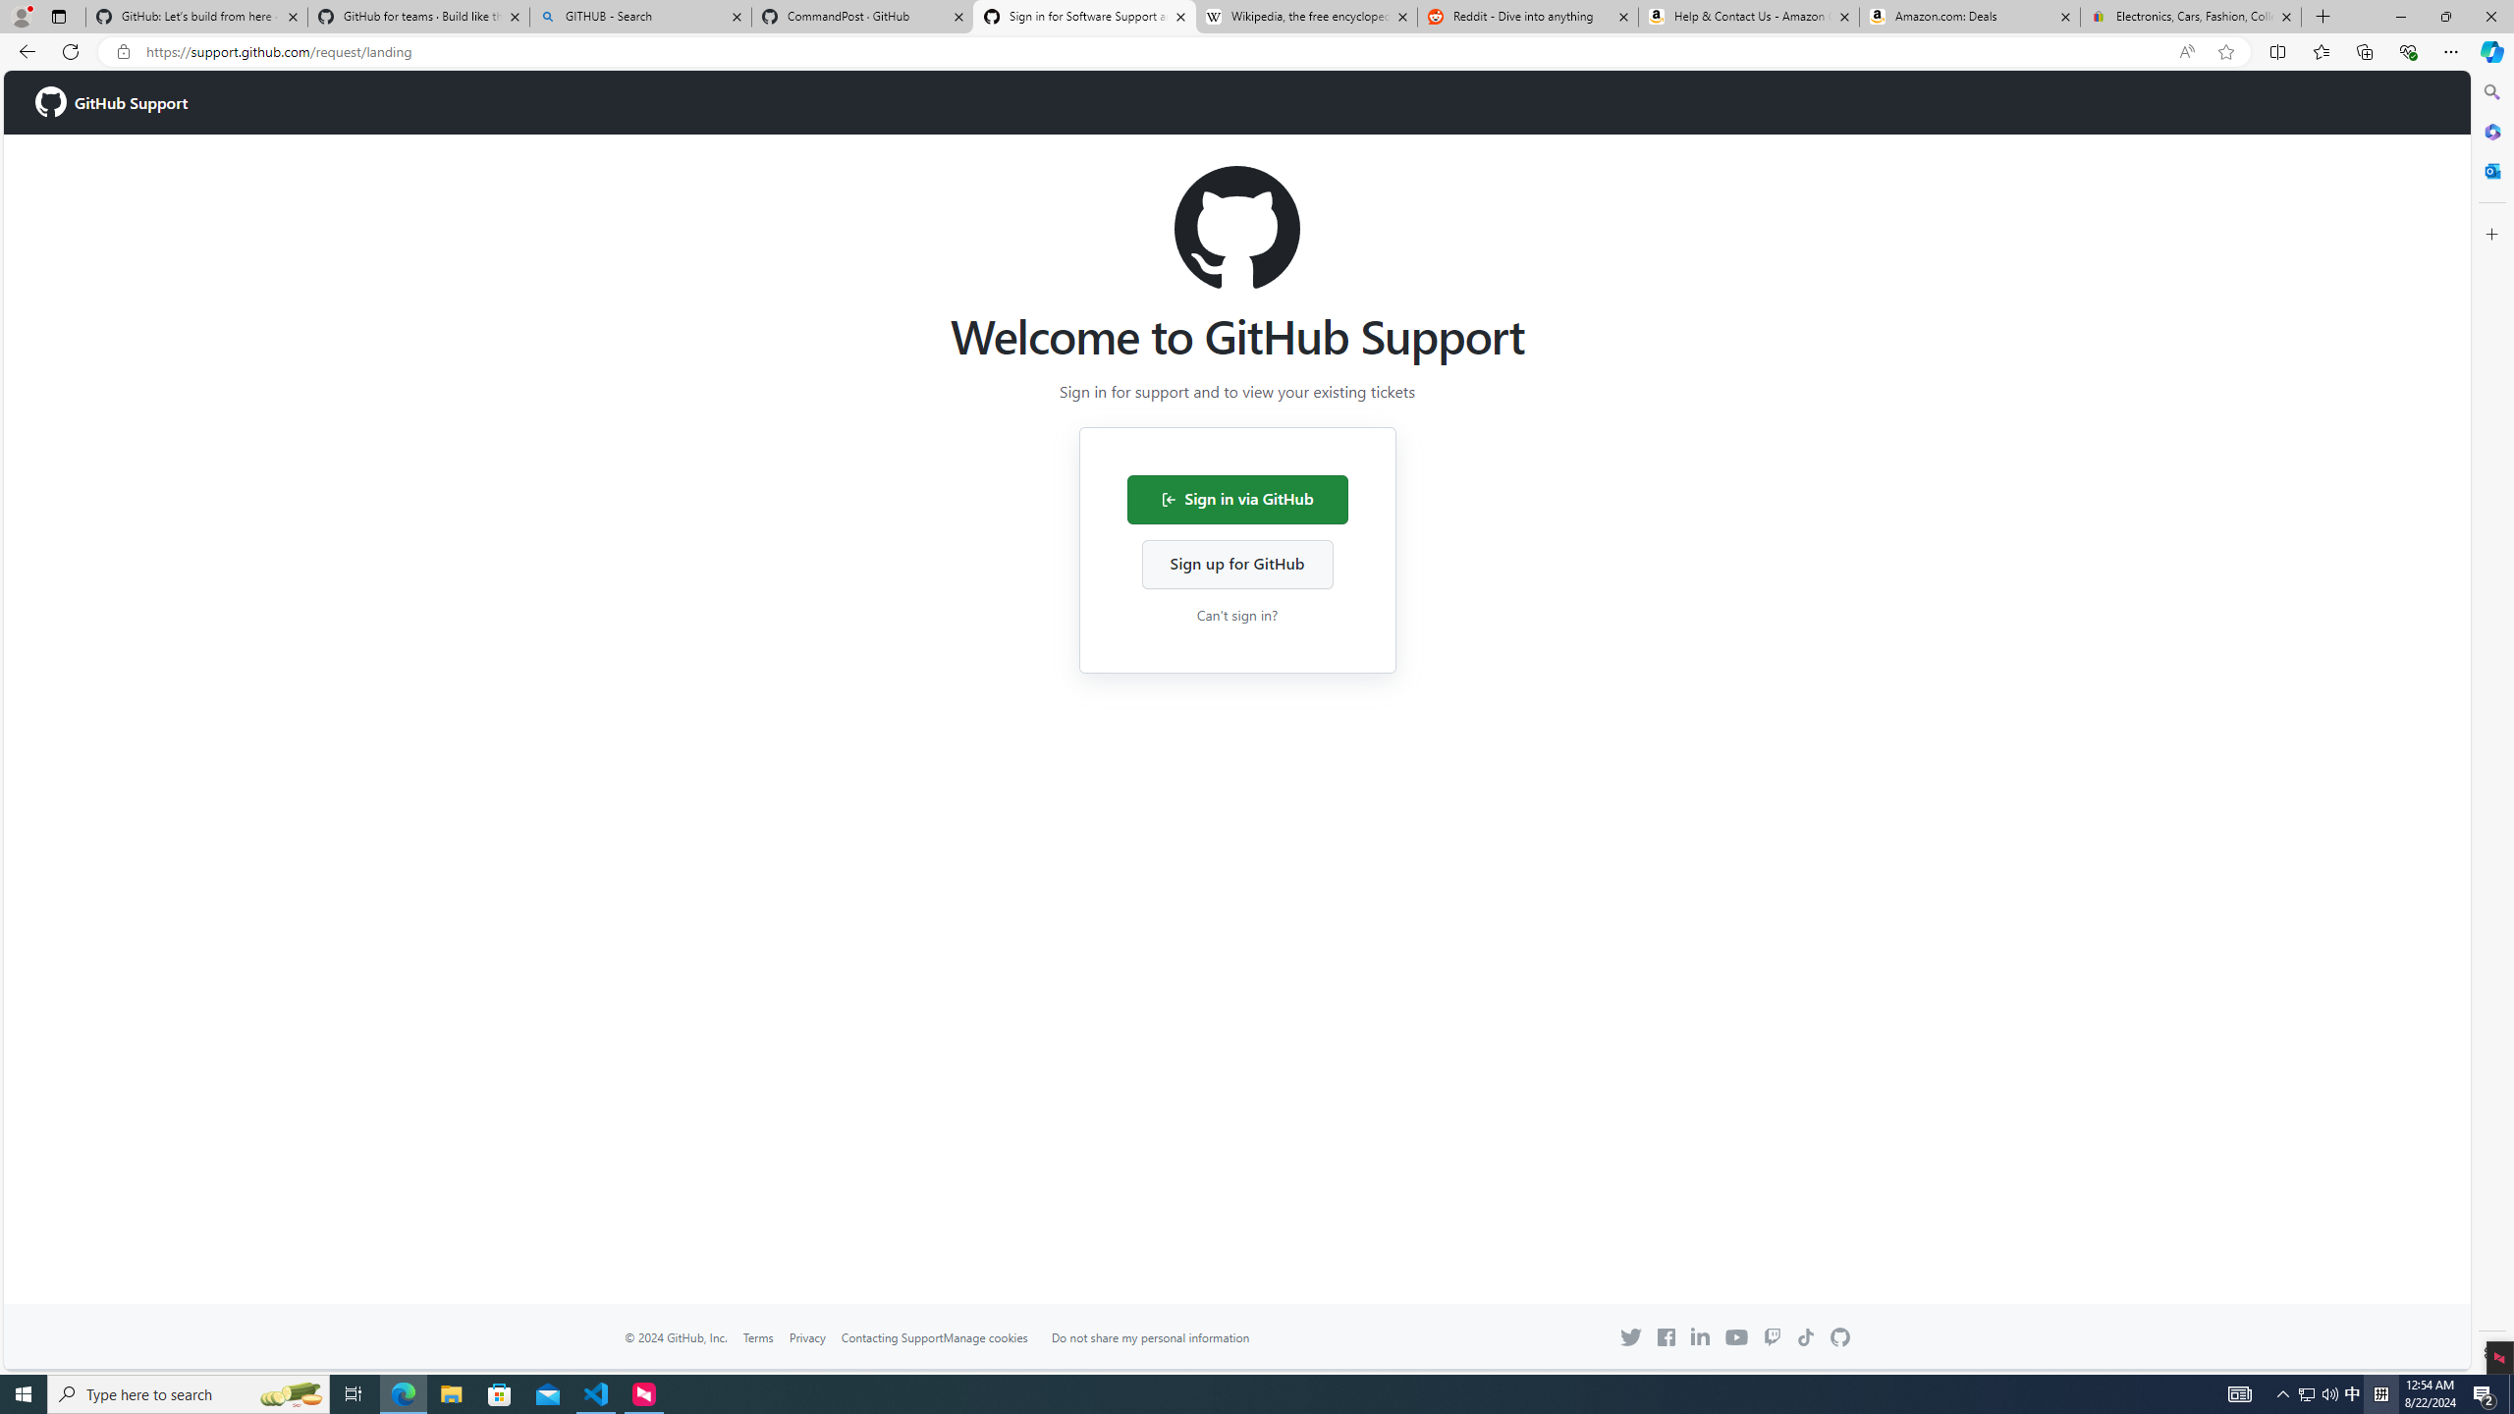 The width and height of the screenshot is (2514, 1414). Describe the element at coordinates (1665, 1337) in the screenshot. I see `'Facebook icon'` at that location.